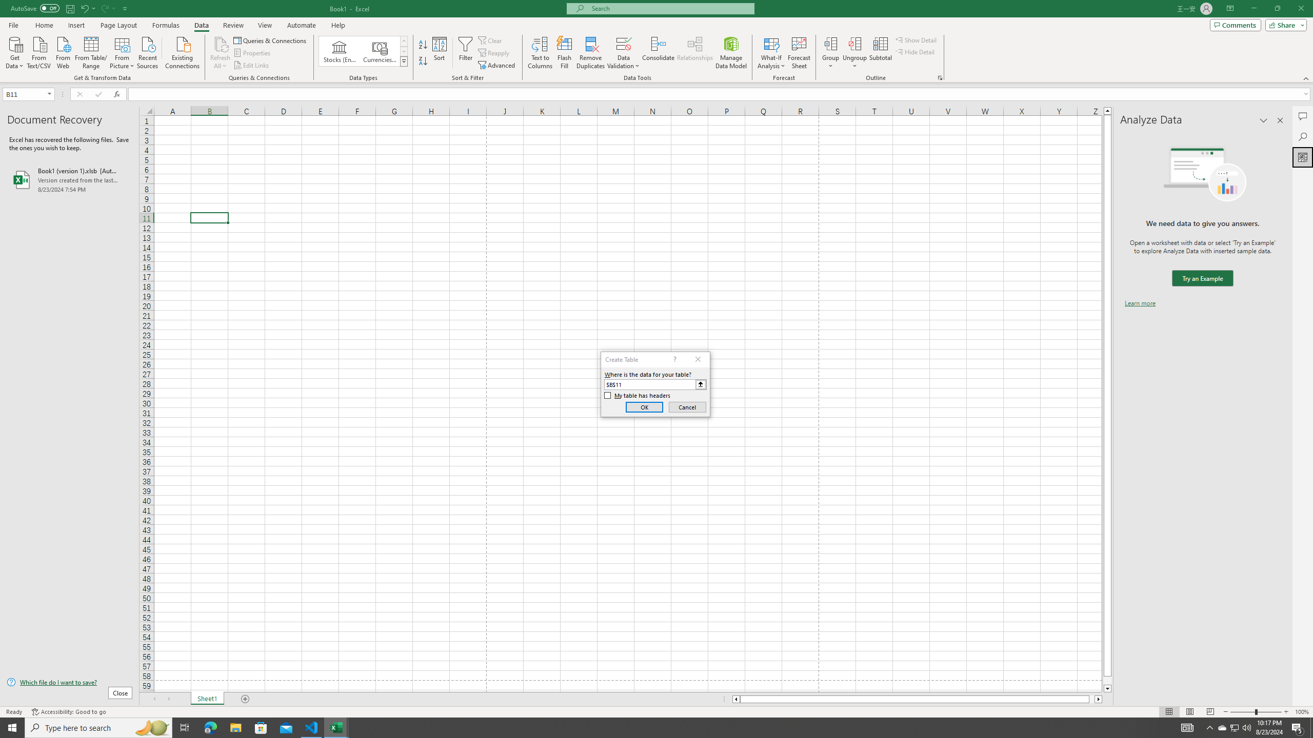  What do you see at coordinates (1280, 120) in the screenshot?
I see `'Close pane'` at bounding box center [1280, 120].